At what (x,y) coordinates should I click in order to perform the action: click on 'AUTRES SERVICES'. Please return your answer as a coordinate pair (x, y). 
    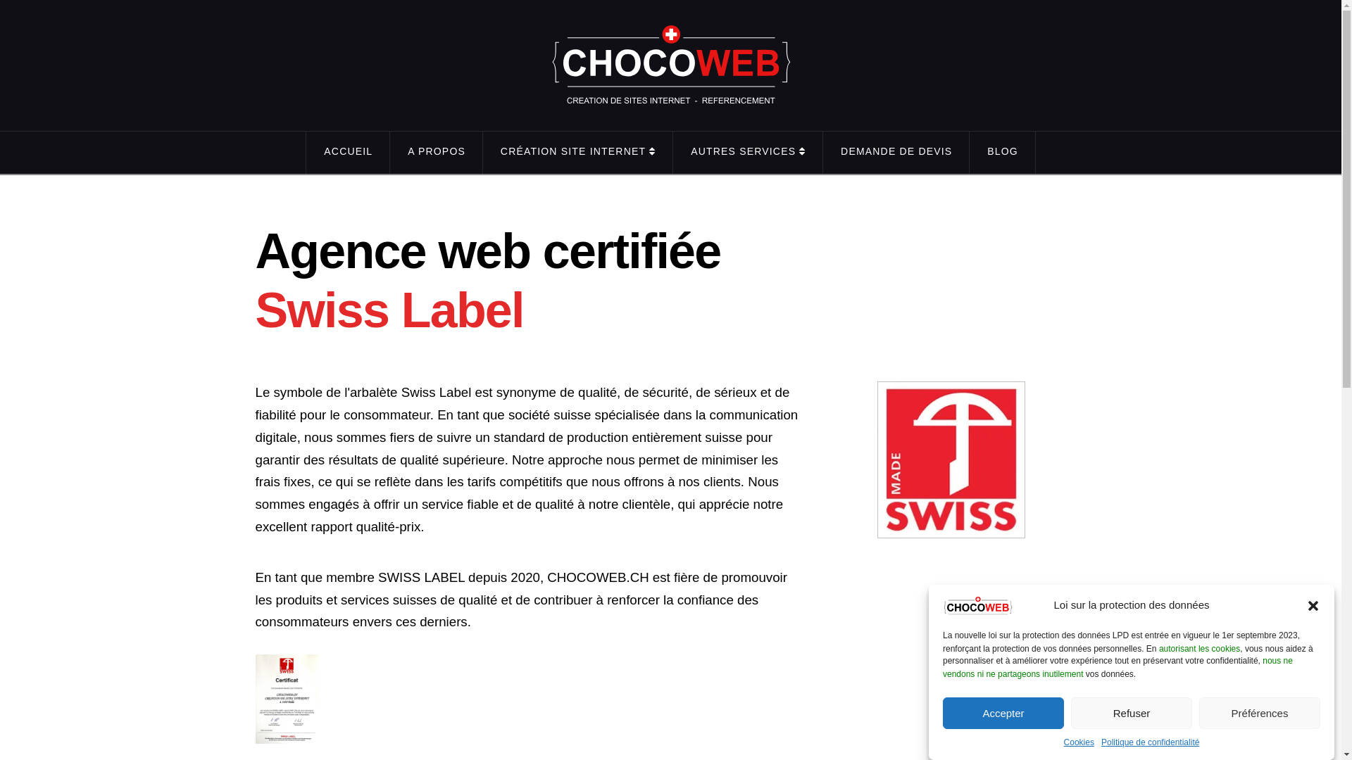
    Looking at the image, I should click on (672, 152).